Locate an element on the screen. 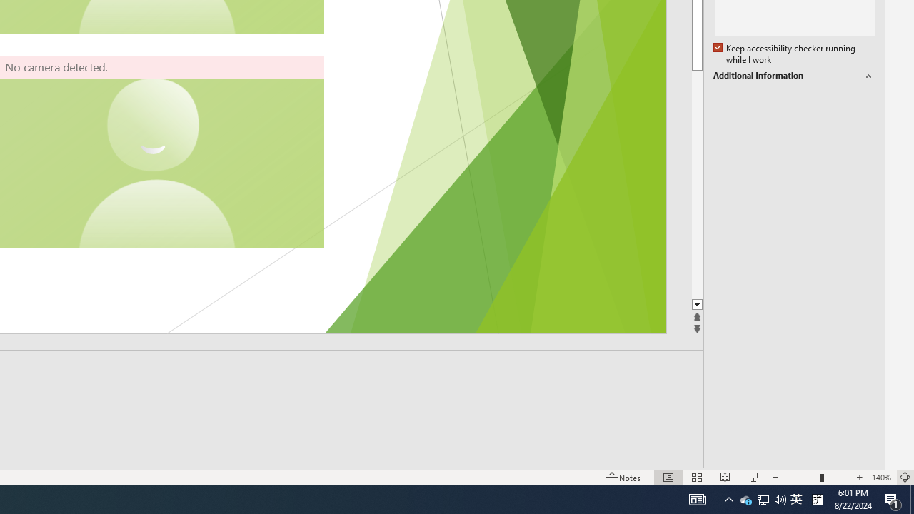 Image resolution: width=914 pixels, height=514 pixels. 'Additional Information' is located at coordinates (793, 76).